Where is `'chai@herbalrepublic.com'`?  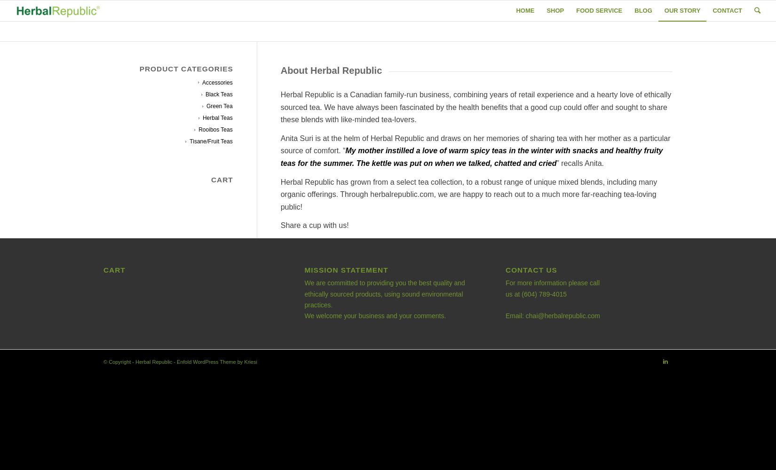 'chai@herbalrepublic.com' is located at coordinates (562, 315).